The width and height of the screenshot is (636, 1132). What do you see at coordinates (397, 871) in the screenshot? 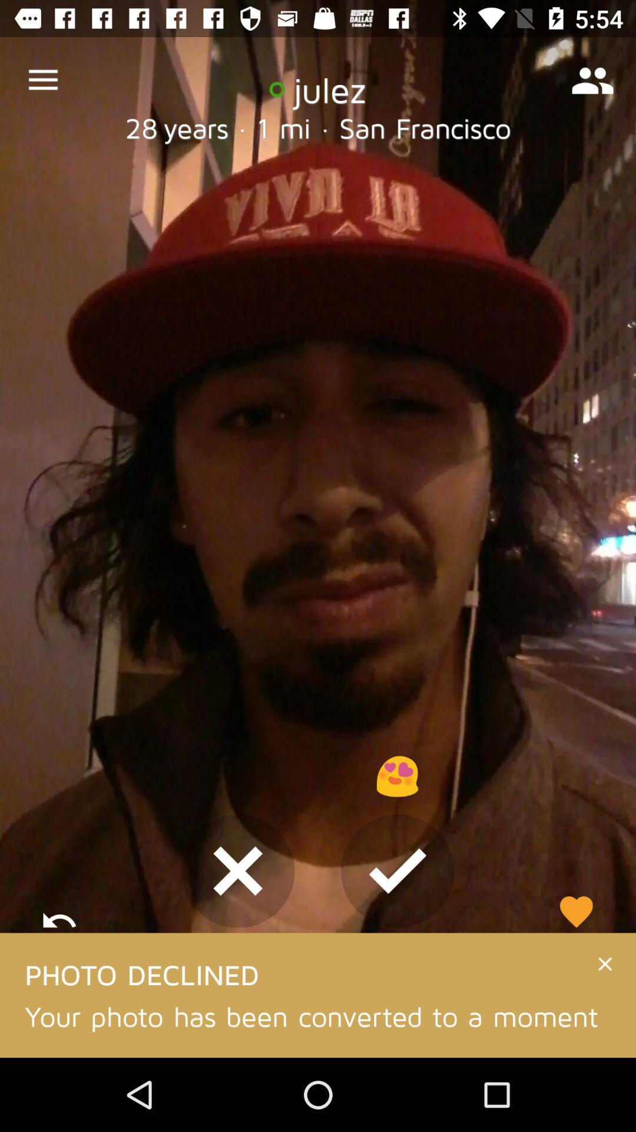
I see `the check icon` at bounding box center [397, 871].